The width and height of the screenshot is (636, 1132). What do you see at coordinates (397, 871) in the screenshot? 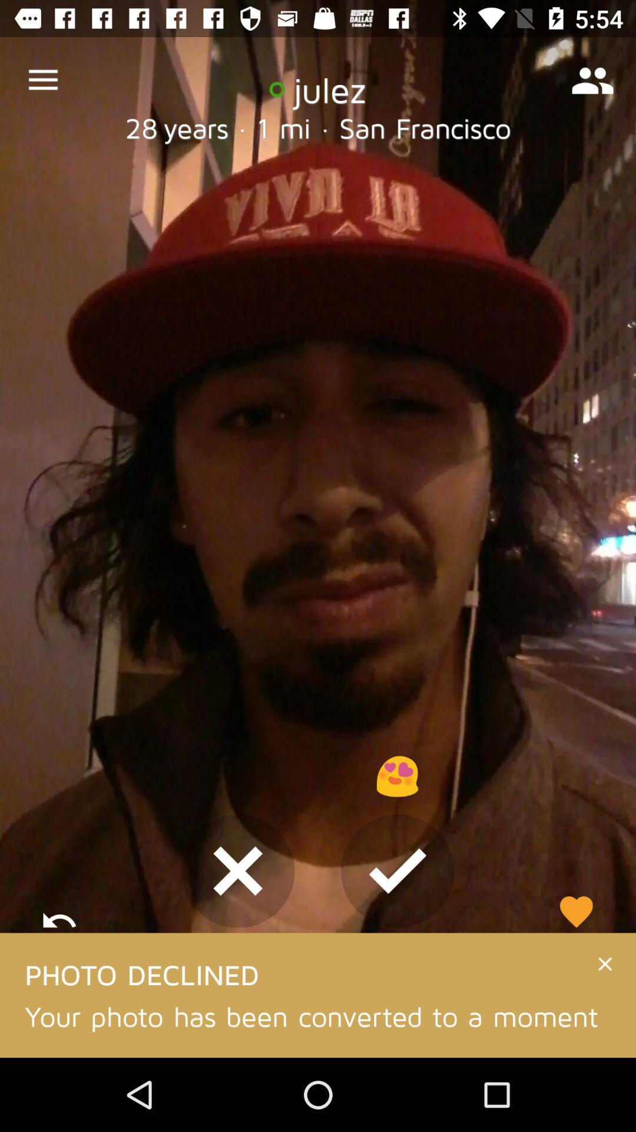
I see `the check icon` at bounding box center [397, 871].